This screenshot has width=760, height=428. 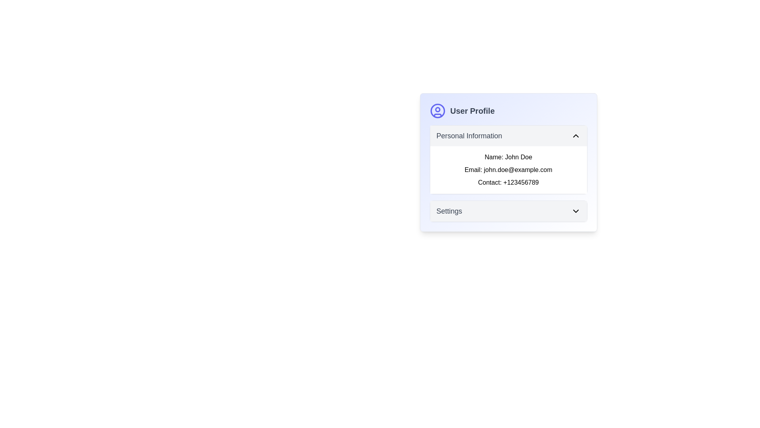 What do you see at coordinates (508, 210) in the screenshot?
I see `the 'Settings' button located at the bottom of the 'User Profile' card` at bounding box center [508, 210].